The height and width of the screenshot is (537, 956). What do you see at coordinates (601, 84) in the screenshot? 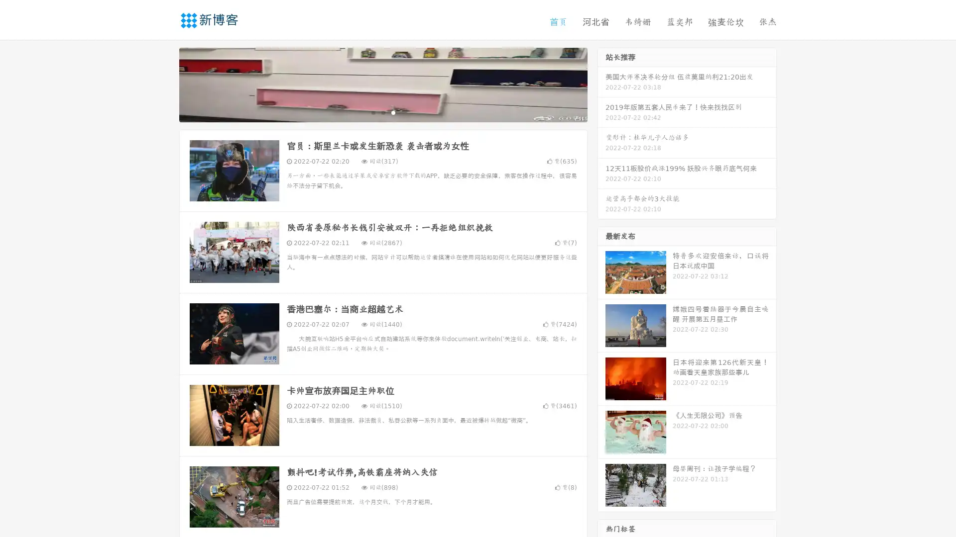
I see `Next slide` at bounding box center [601, 84].